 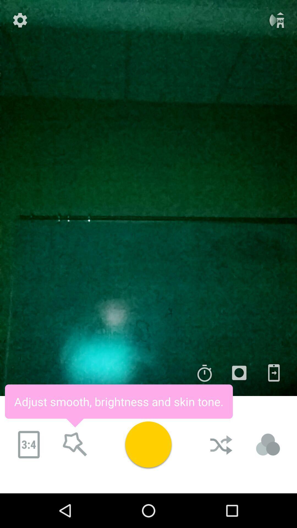 What do you see at coordinates (148, 444) in the screenshot?
I see `take picture` at bounding box center [148, 444].